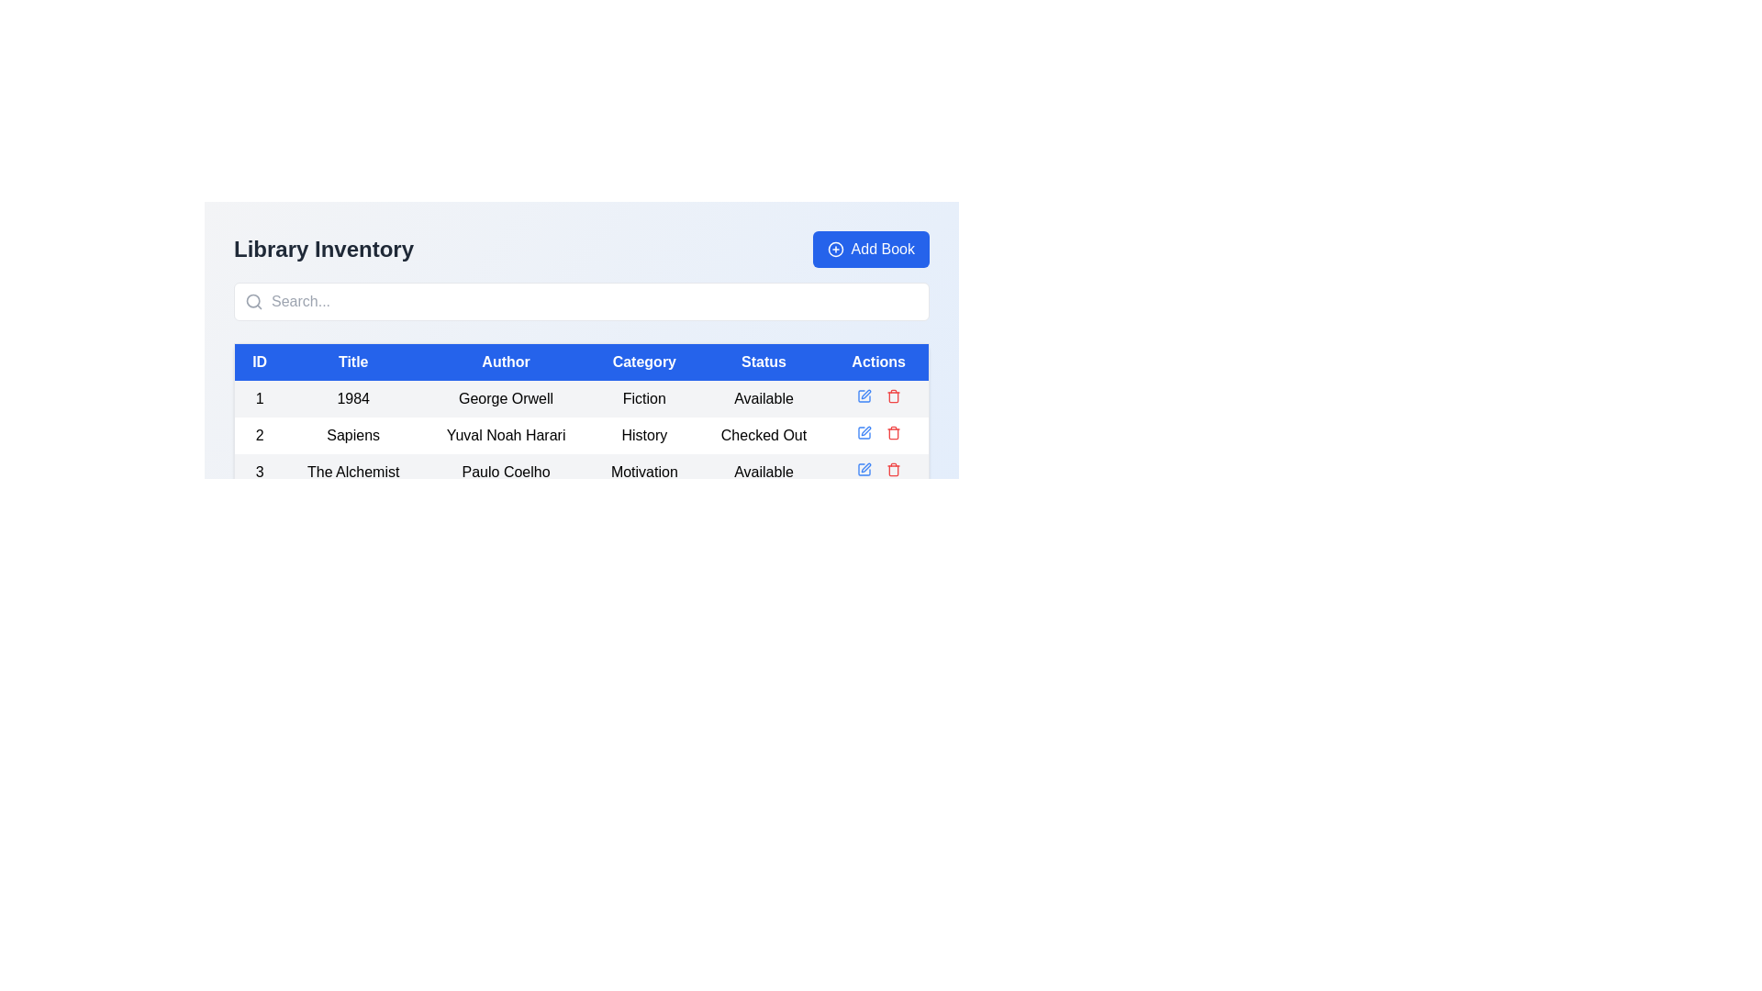 Image resolution: width=1762 pixels, height=991 pixels. What do you see at coordinates (764, 435) in the screenshot?
I see `the label styled with padding that contains the text 'Checked Out', located in the 'Status' column of the table under the book title 'Sapiens'` at bounding box center [764, 435].